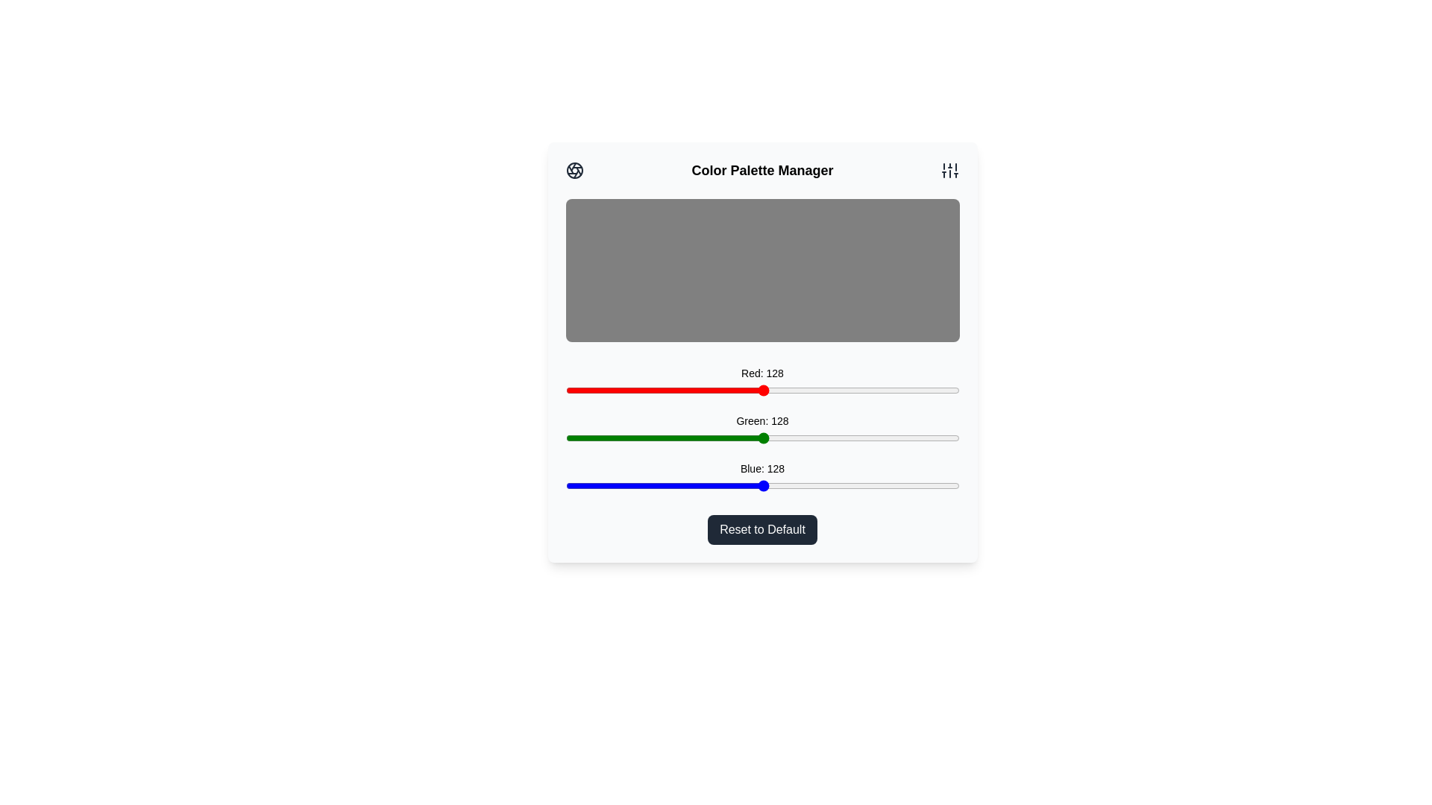 Image resolution: width=1432 pixels, height=805 pixels. Describe the element at coordinates (729, 390) in the screenshot. I see `the red color slider to 106` at that location.